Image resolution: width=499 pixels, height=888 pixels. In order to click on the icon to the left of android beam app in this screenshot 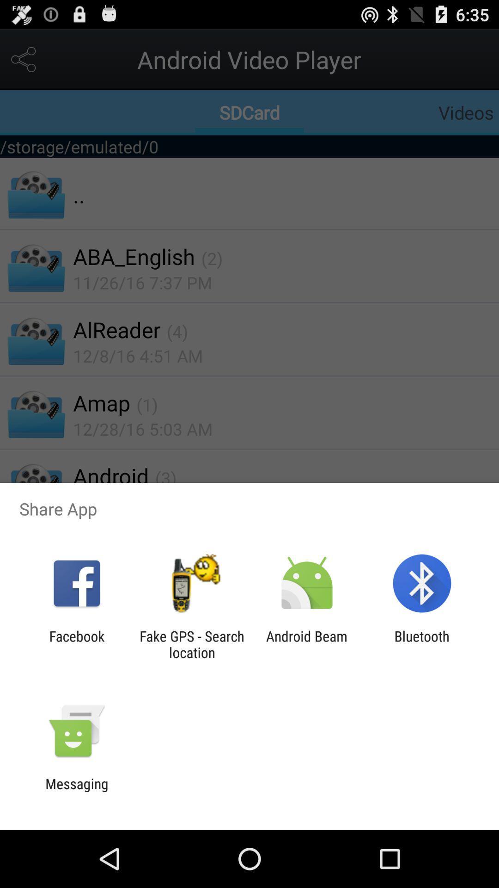, I will do `click(191, 644)`.